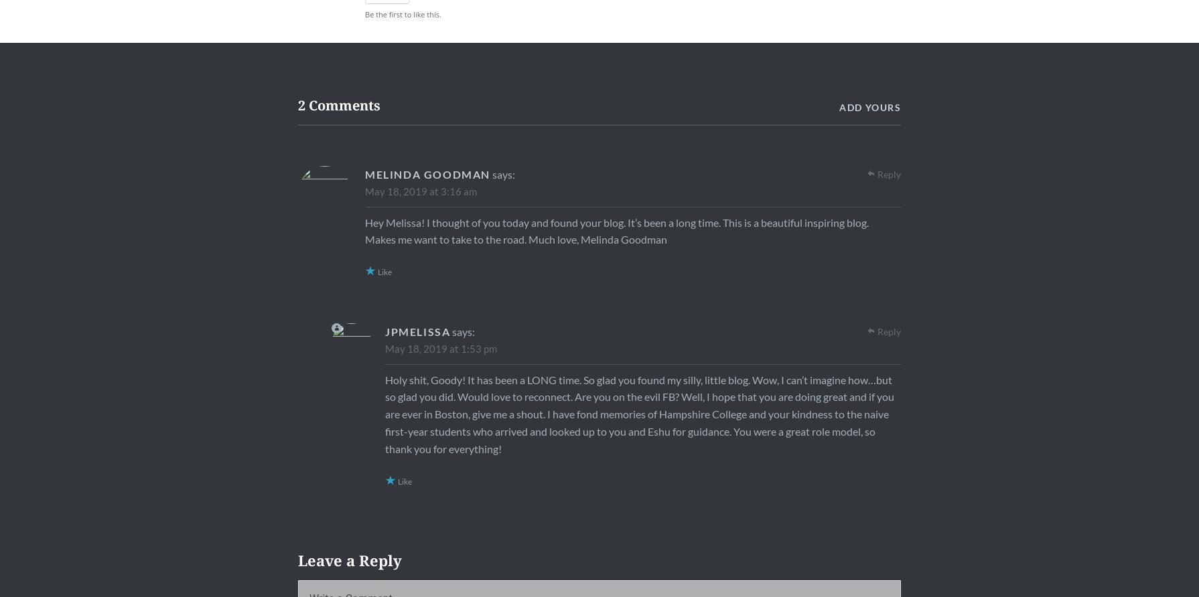  Describe the element at coordinates (384, 413) in the screenshot. I see `'Holy shit, Goody!  It has been a LONG time.  So glad you found my silly, little blog.  Wow, I can’t imagine how…but so glad you did.  Would love to reconnect.  Are you on the evil FB?  Well, I hope that you are doing great and if you are ever in Boston, give me a shout.  I have fond memories of Hampshire College and your kindness to the naive first-year students who arrived and looked up to you and Eshu for guidance. You were a great role model, so thank you for everything!'` at that location.